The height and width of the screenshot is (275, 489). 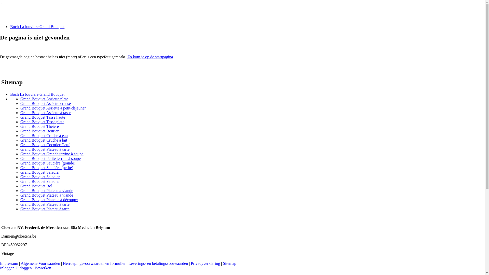 I want to click on 'Bewerken', so click(x=43, y=268).